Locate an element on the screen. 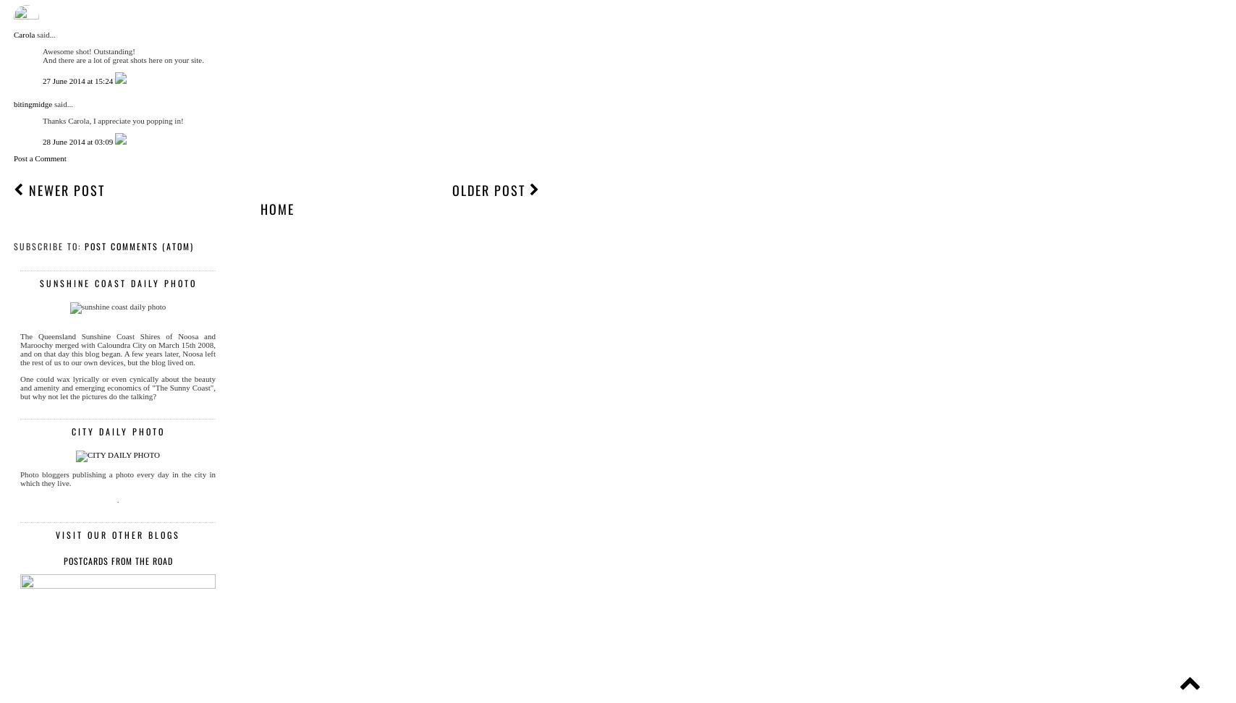 This screenshot has width=1236, height=703. 'Postcards from the Road' is located at coordinates (117, 561).